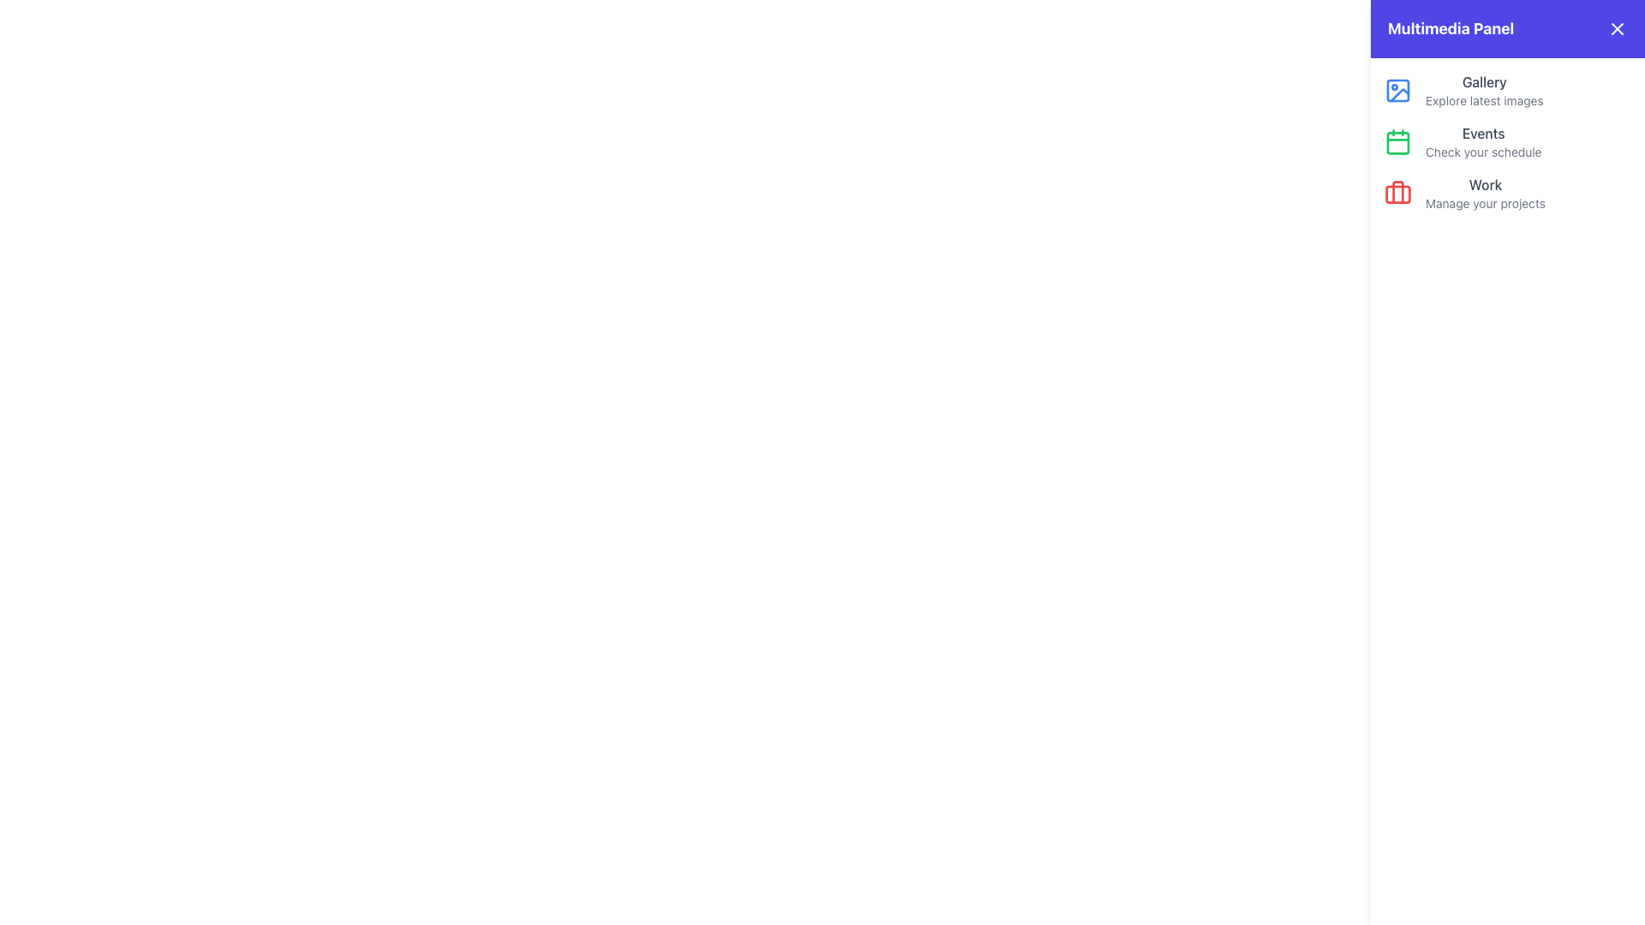 The width and height of the screenshot is (1645, 925). I want to click on the 'Events' list item with icon and text, which is the second item in the vertical list of features in the Multimedia Panel, located beneath 'Gallery' and above 'Work', so click(1508, 140).